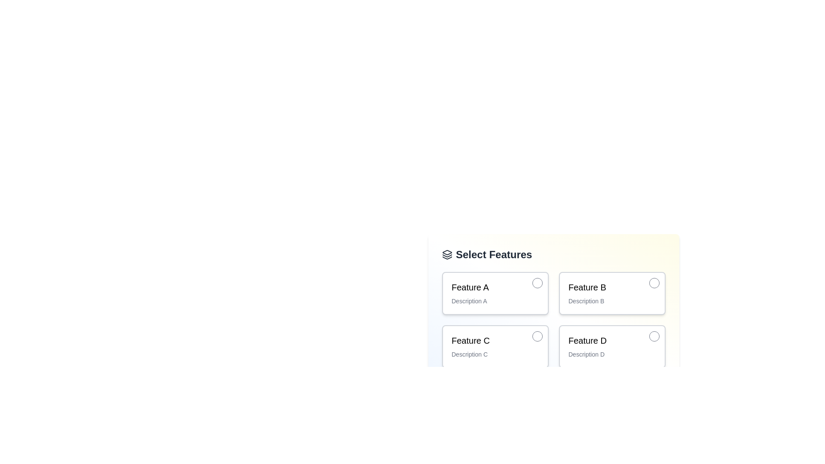 This screenshot has height=464, width=825. What do you see at coordinates (537, 283) in the screenshot?
I see `the interactive button located in the top-right corner of the card labeled 'Feature A'` at bounding box center [537, 283].